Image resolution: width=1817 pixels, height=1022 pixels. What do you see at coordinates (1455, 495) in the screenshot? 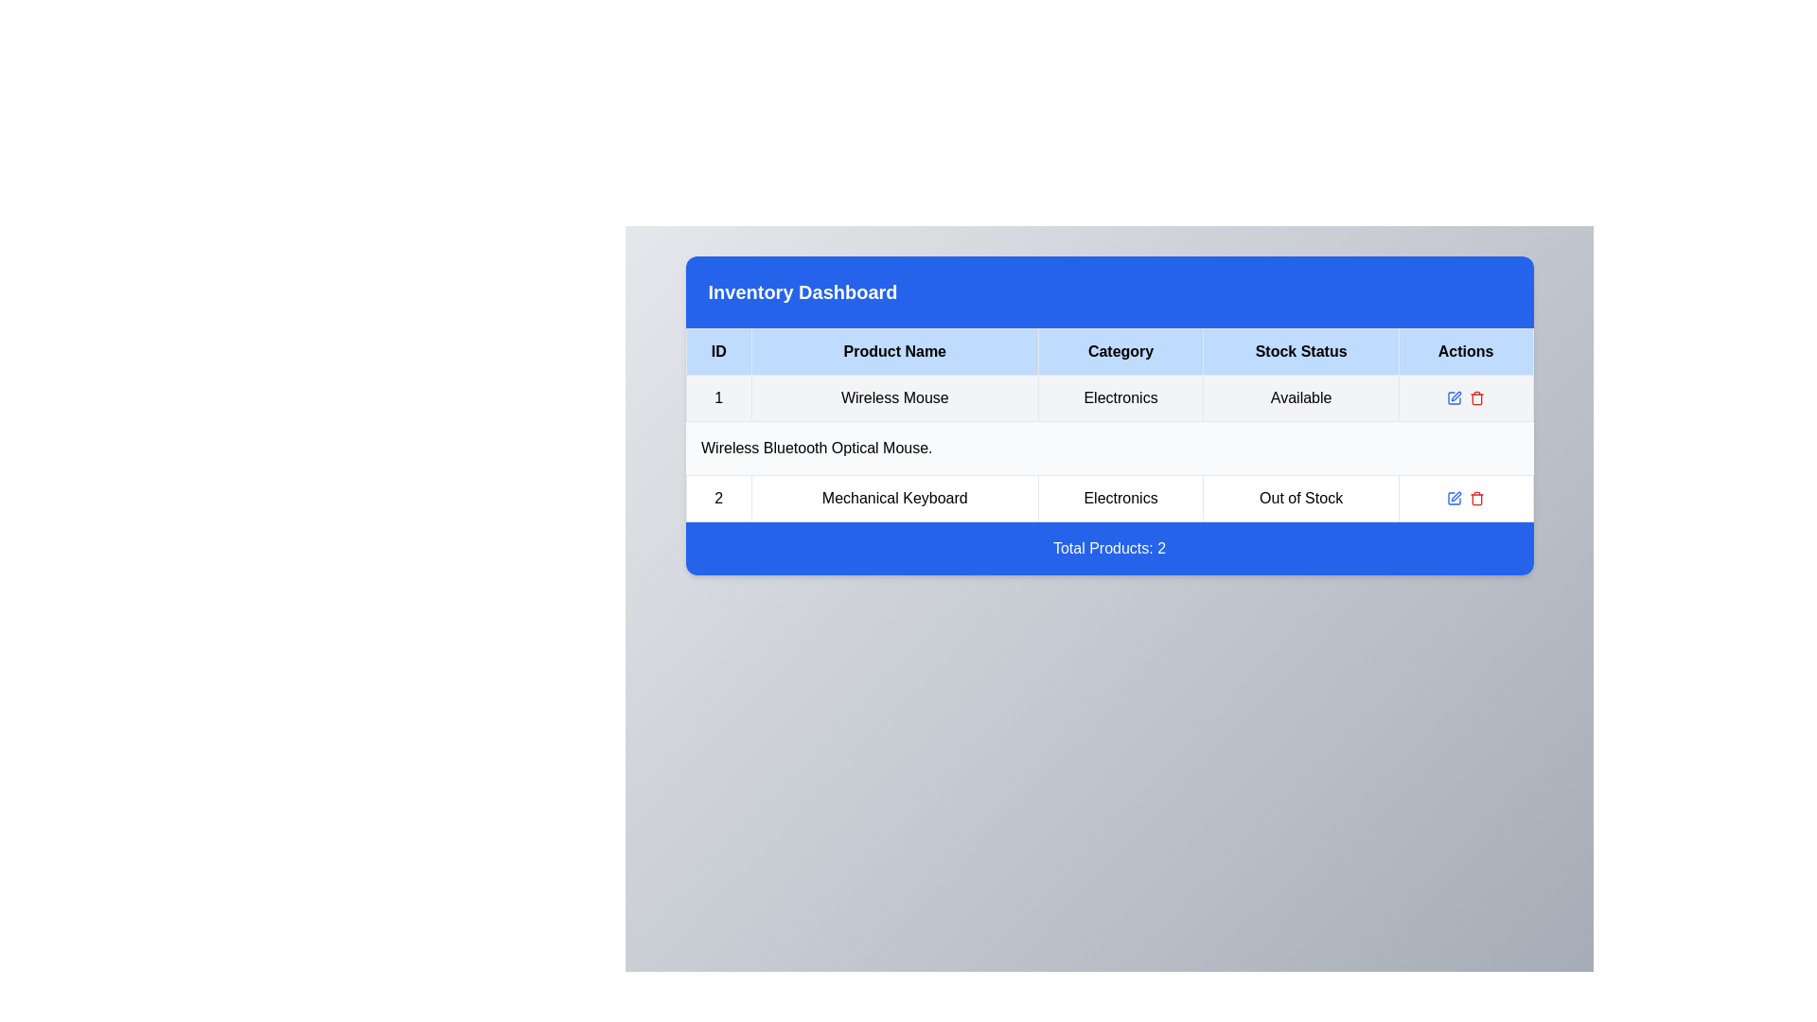
I see `the edit icon button, which is a pen-shaped graphical icon within the 'Actions' column of the second row` at bounding box center [1455, 495].